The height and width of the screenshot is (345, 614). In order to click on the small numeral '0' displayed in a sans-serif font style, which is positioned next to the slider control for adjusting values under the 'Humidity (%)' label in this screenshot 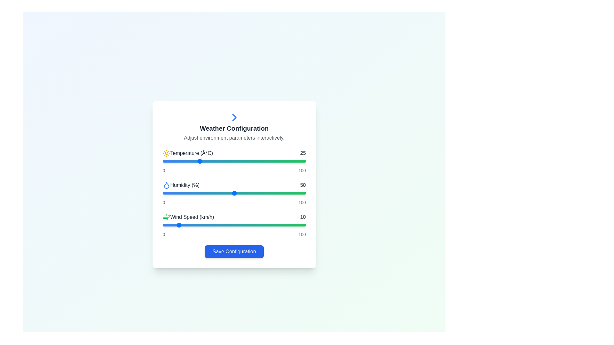, I will do `click(164, 202)`.